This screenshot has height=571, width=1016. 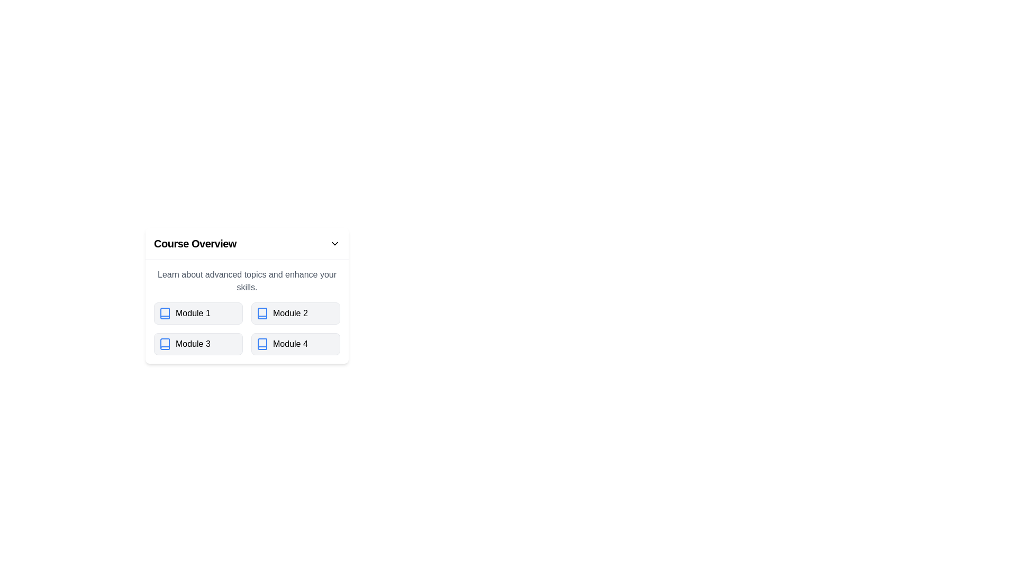 What do you see at coordinates (290, 313) in the screenshot?
I see `the Text Label that identifies the corresponding module represented by the button, located in the top-right quadrant of the grid layout, to provide context to the user about the linked content or feature` at bounding box center [290, 313].